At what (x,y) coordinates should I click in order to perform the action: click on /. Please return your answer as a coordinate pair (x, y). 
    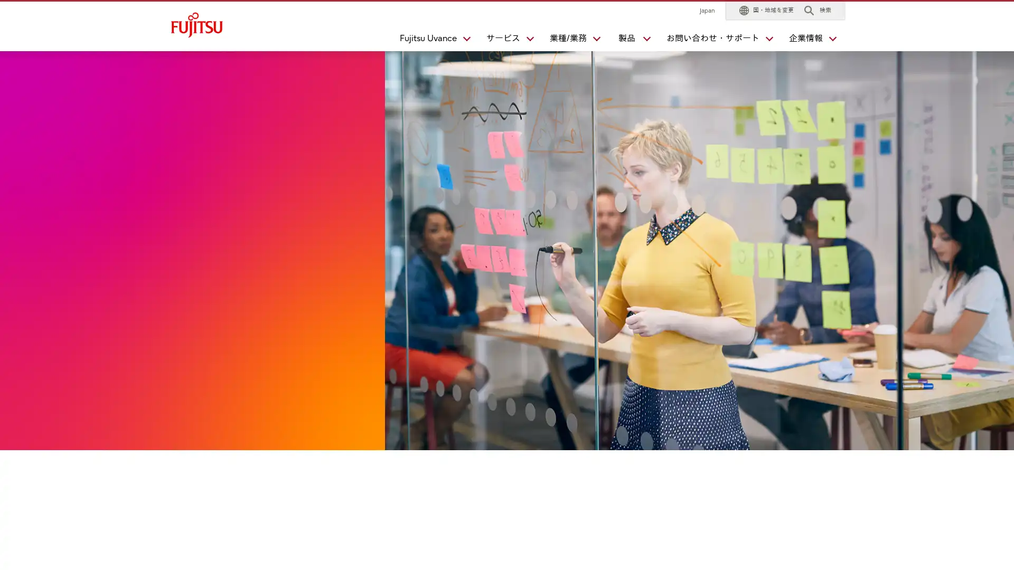
    Looking at the image, I should click on (570, 40).